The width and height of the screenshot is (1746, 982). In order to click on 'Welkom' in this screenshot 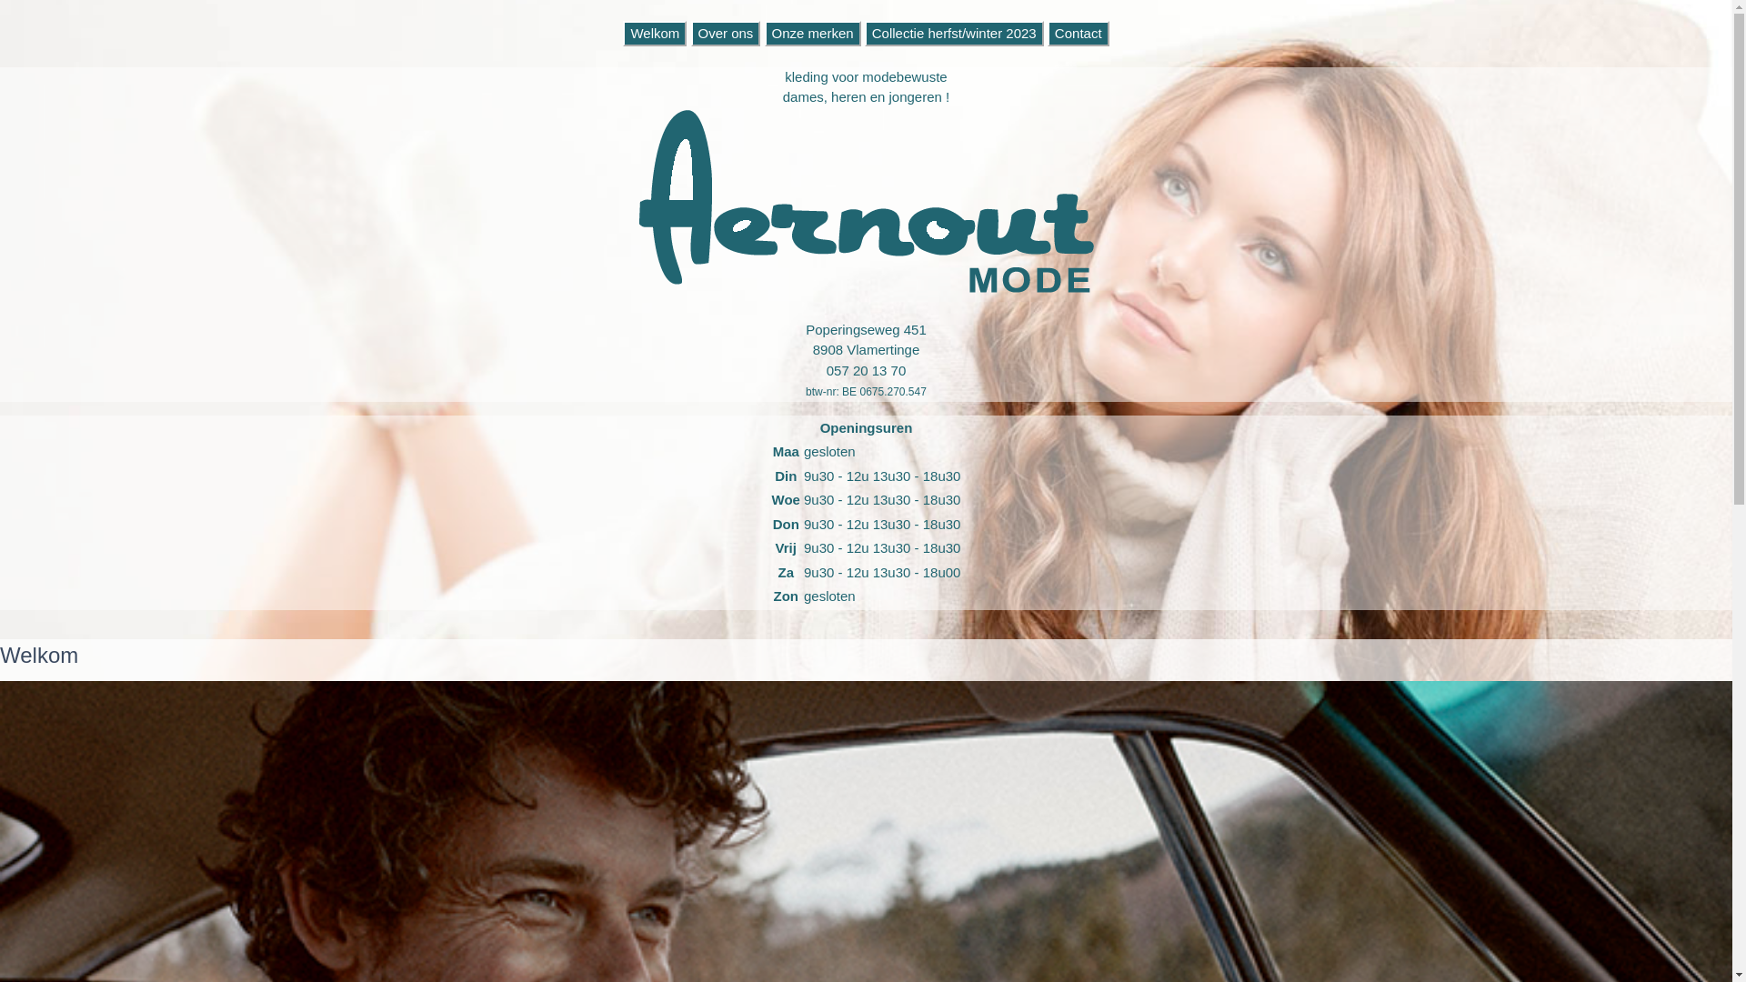, I will do `click(655, 33)`.